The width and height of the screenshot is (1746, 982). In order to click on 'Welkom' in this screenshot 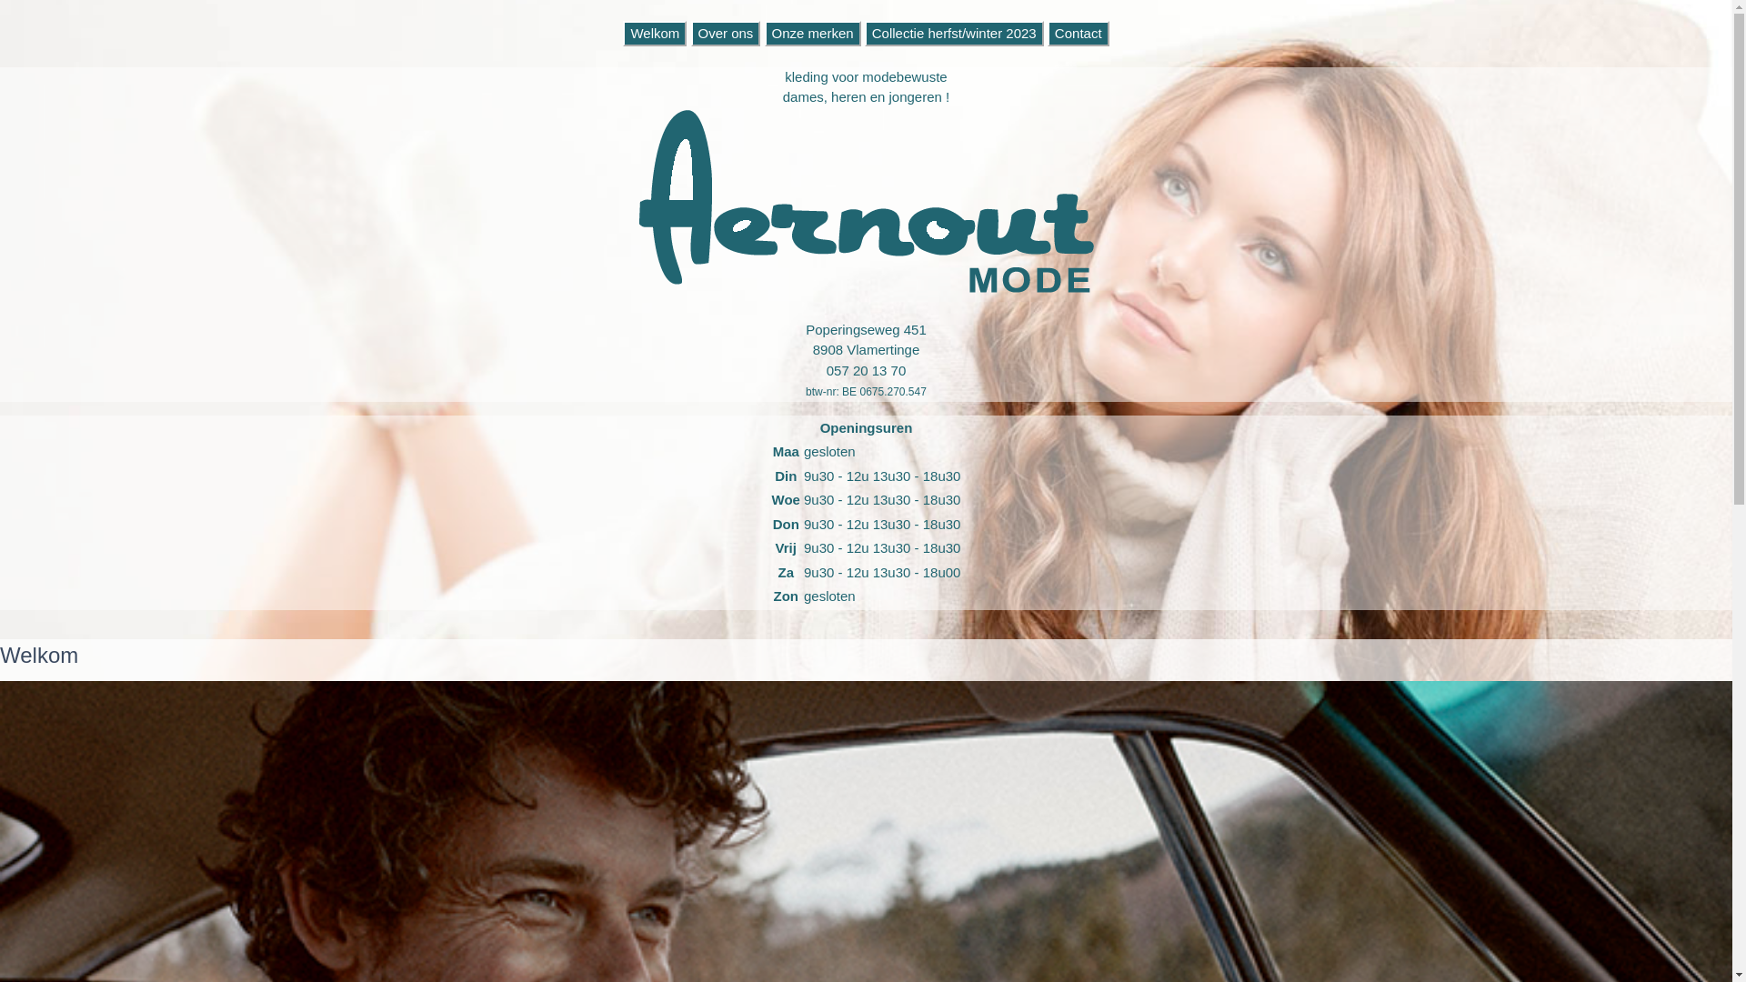, I will do `click(655, 33)`.